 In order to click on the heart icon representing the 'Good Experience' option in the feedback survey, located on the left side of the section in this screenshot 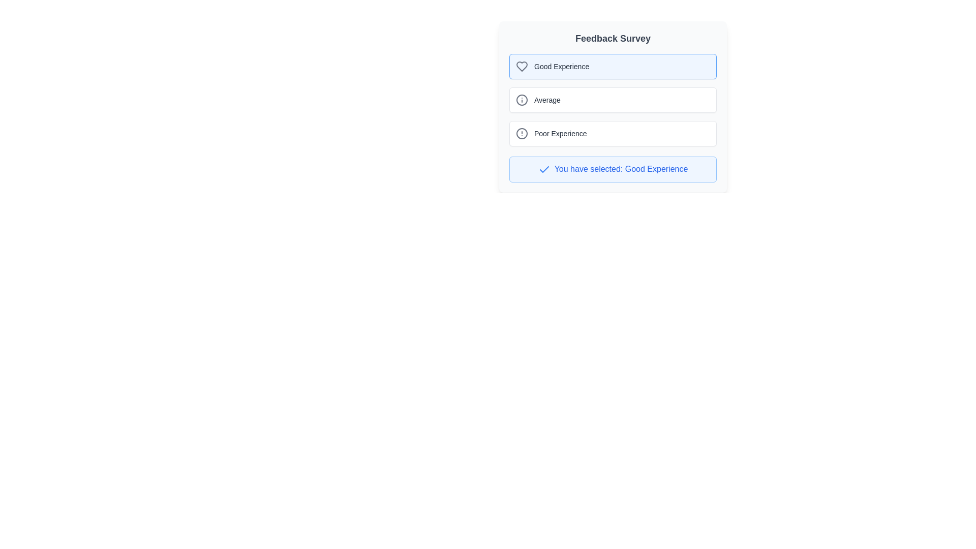, I will do `click(522, 67)`.